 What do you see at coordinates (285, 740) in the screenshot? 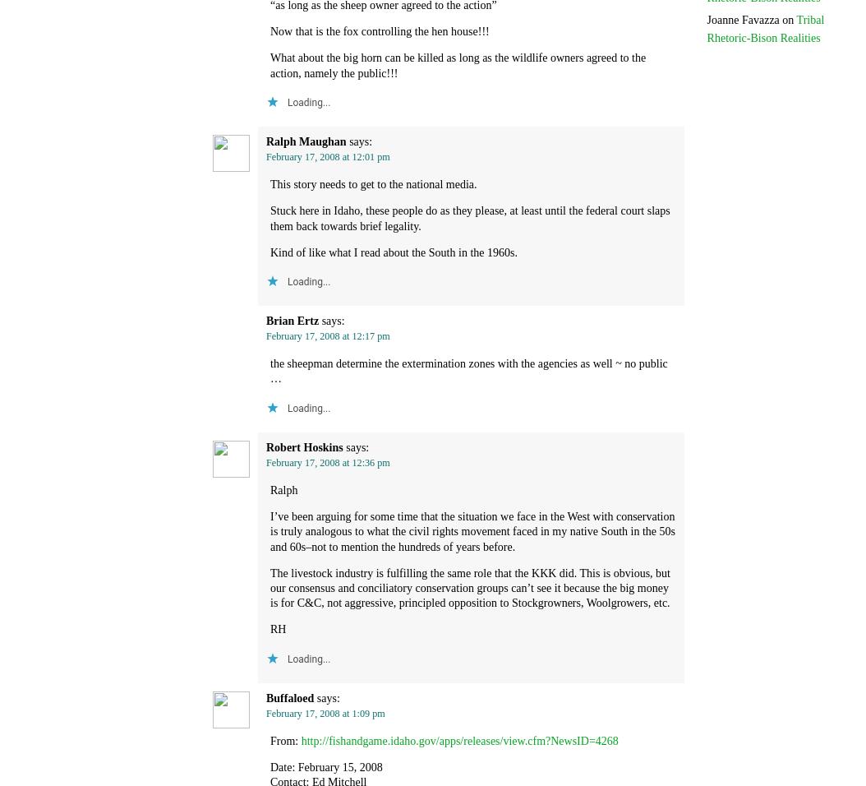
I see `'From:'` at bounding box center [285, 740].